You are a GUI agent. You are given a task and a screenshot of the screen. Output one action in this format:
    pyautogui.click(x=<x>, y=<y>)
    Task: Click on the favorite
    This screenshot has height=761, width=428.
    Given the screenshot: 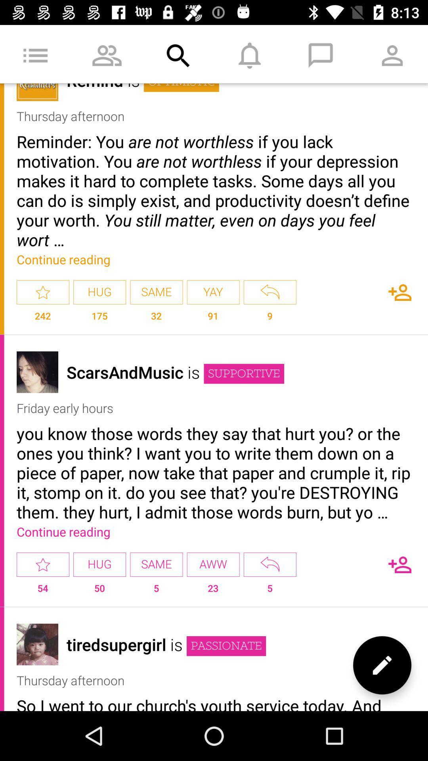 What is the action you would take?
    pyautogui.click(x=43, y=292)
    